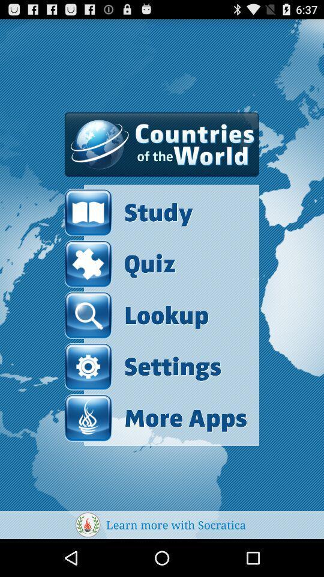  Describe the element at coordinates (120, 264) in the screenshot. I see `the icon below the study` at that location.